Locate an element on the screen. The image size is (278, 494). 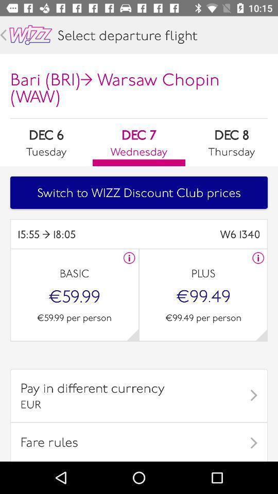
next page is located at coordinates (133, 334).